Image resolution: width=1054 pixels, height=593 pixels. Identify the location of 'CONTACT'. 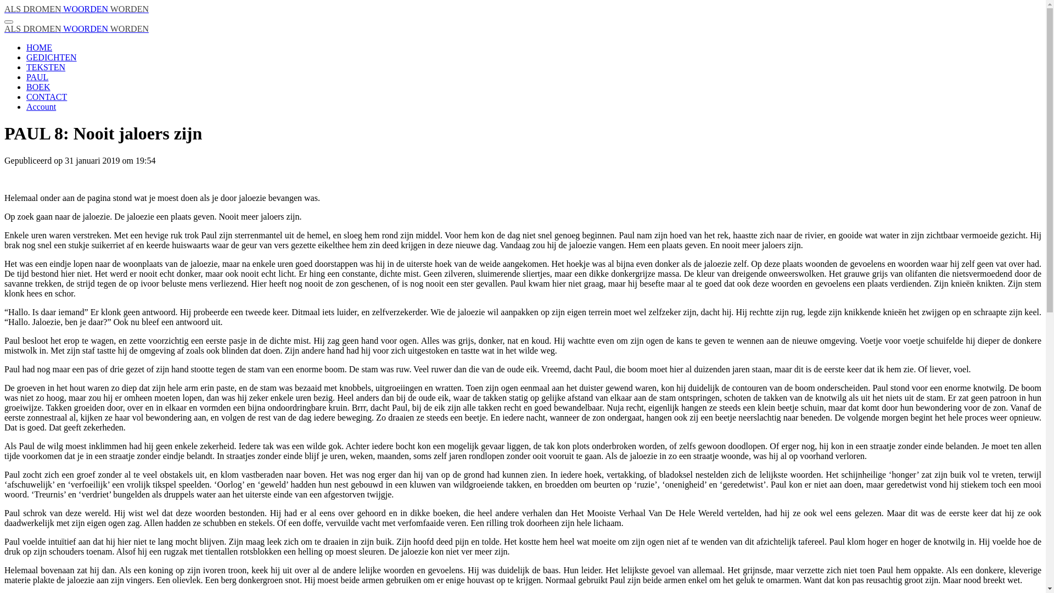
(46, 96).